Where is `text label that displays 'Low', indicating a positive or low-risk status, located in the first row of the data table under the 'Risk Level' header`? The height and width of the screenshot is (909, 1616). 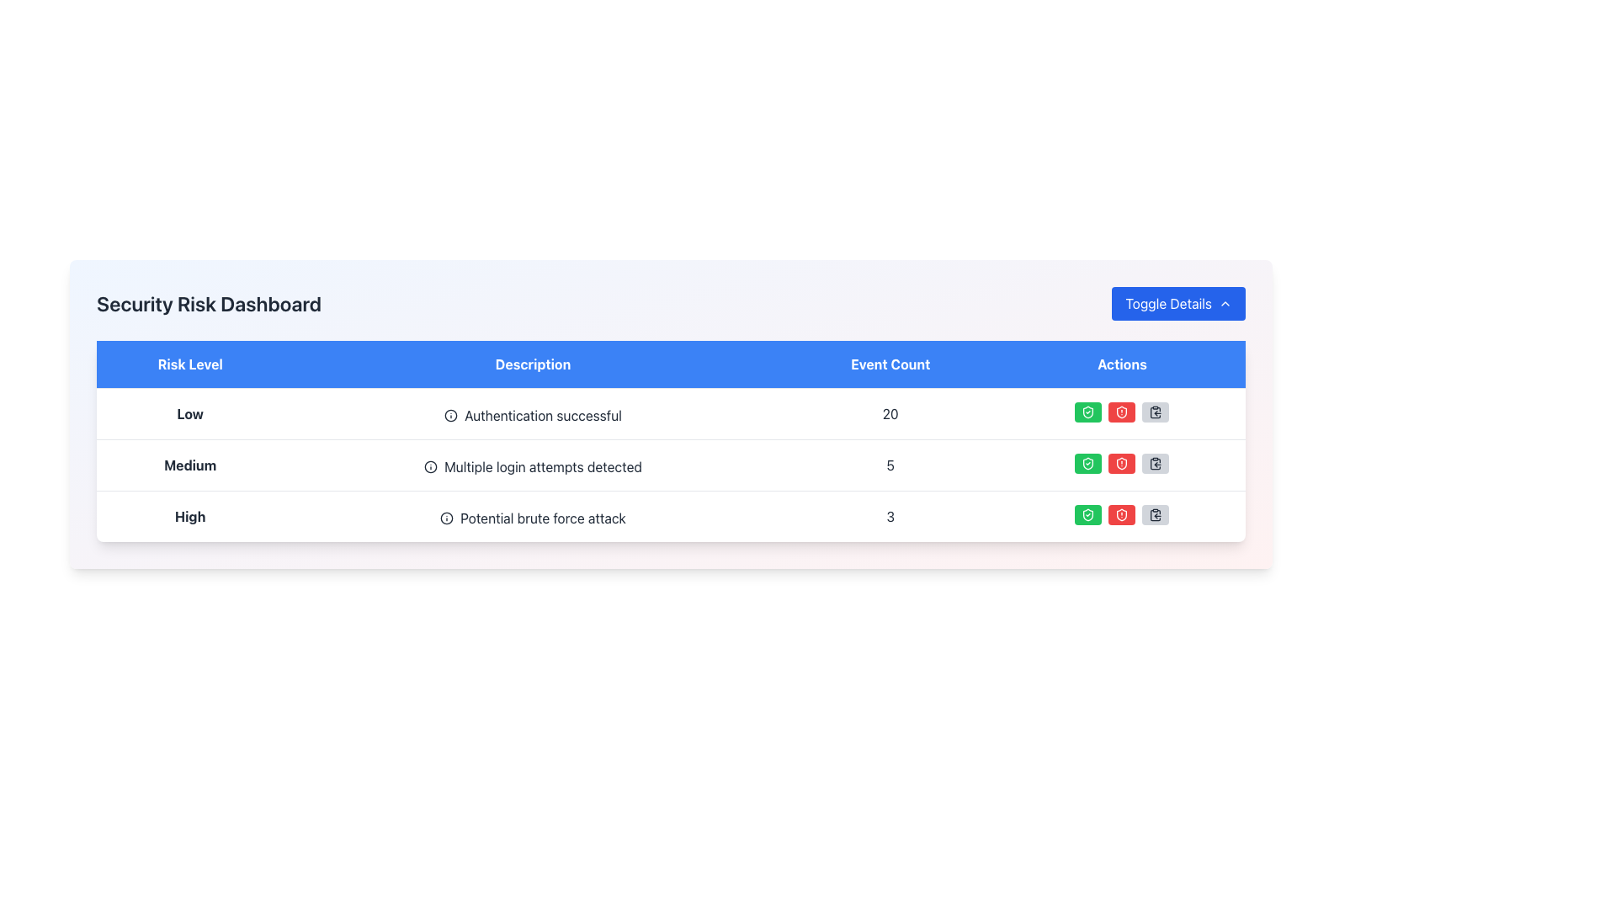 text label that displays 'Low', indicating a positive or low-risk status, located in the first row of the data table under the 'Risk Level' header is located at coordinates (190, 414).